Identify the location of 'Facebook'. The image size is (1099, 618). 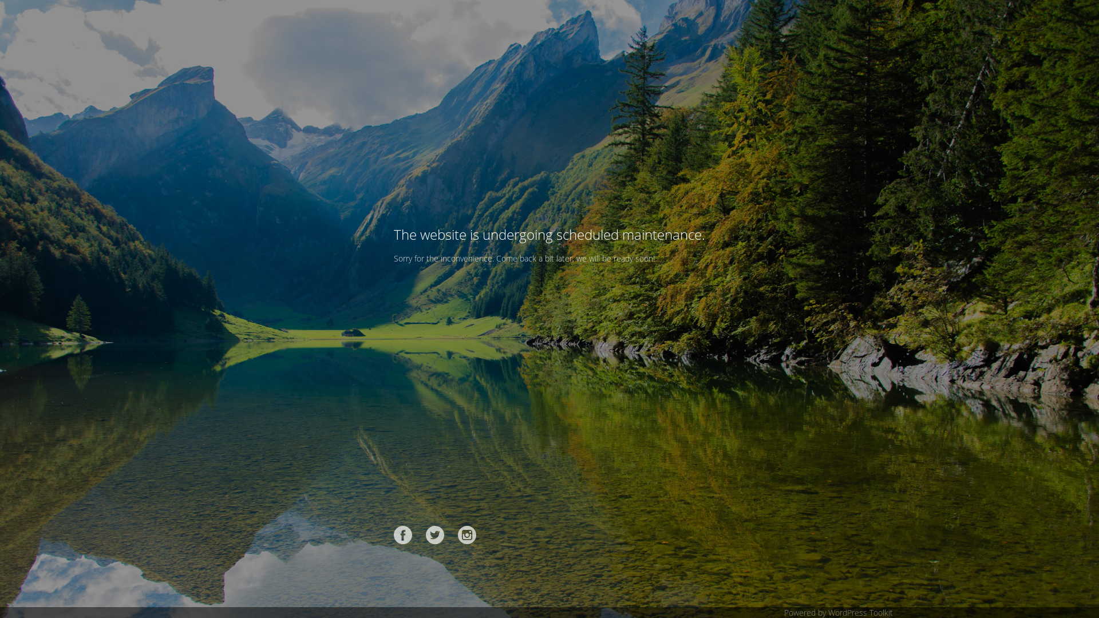
(393, 534).